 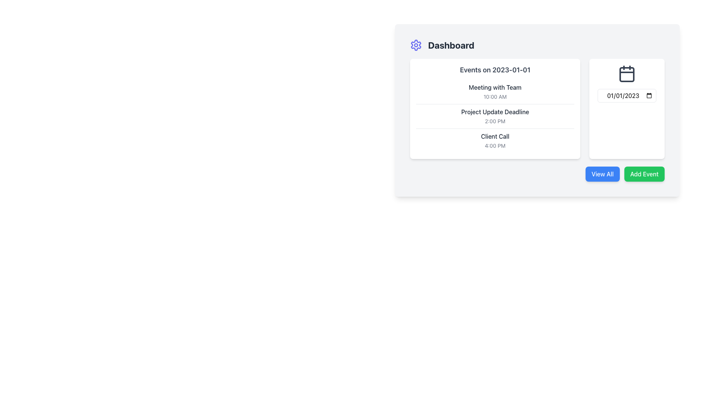 I want to click on the white rectangle with rounded corners and a thin border inside the calendar icon, which is located to the right of the date input field displaying '01/01/2023', so click(x=627, y=74).